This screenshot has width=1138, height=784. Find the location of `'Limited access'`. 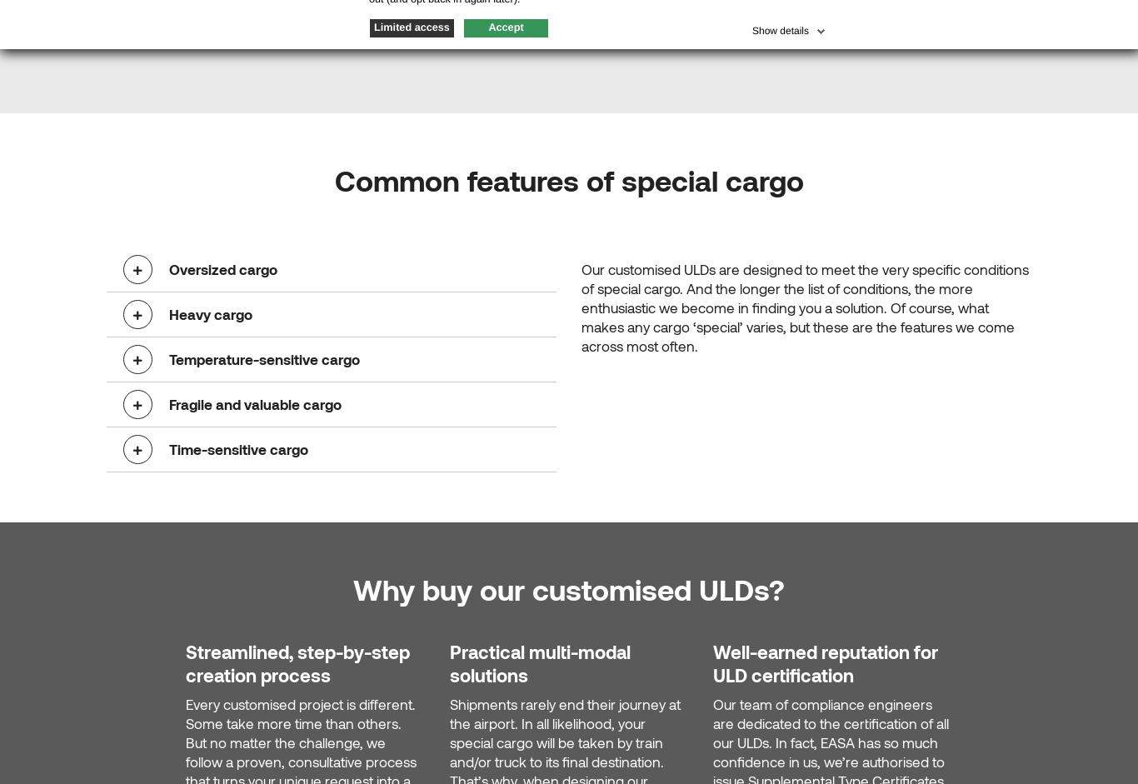

'Limited access' is located at coordinates (411, 27).